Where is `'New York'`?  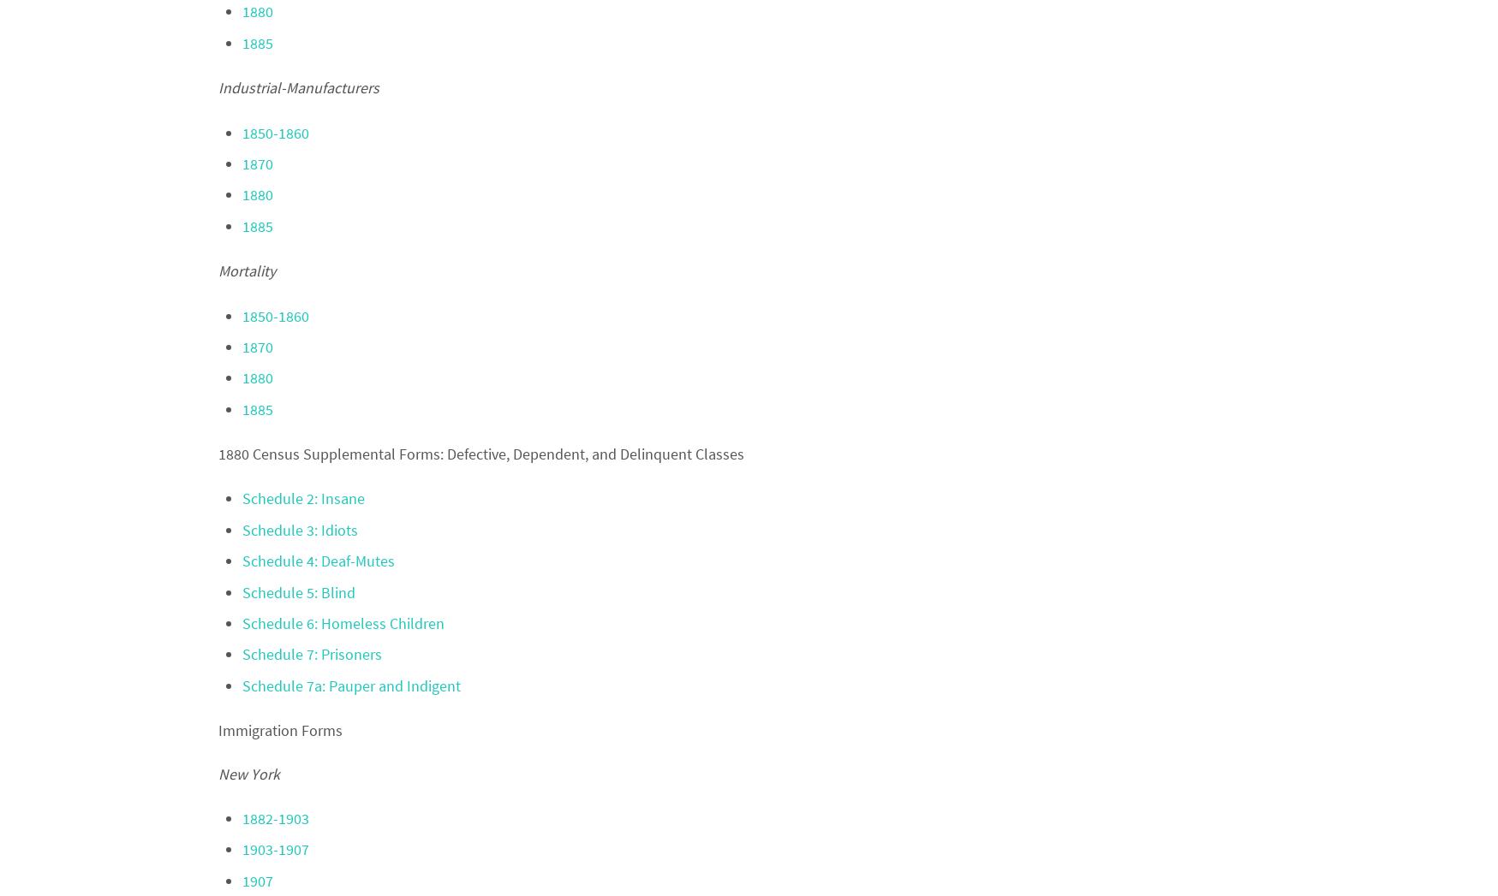 'New York' is located at coordinates (247, 772).